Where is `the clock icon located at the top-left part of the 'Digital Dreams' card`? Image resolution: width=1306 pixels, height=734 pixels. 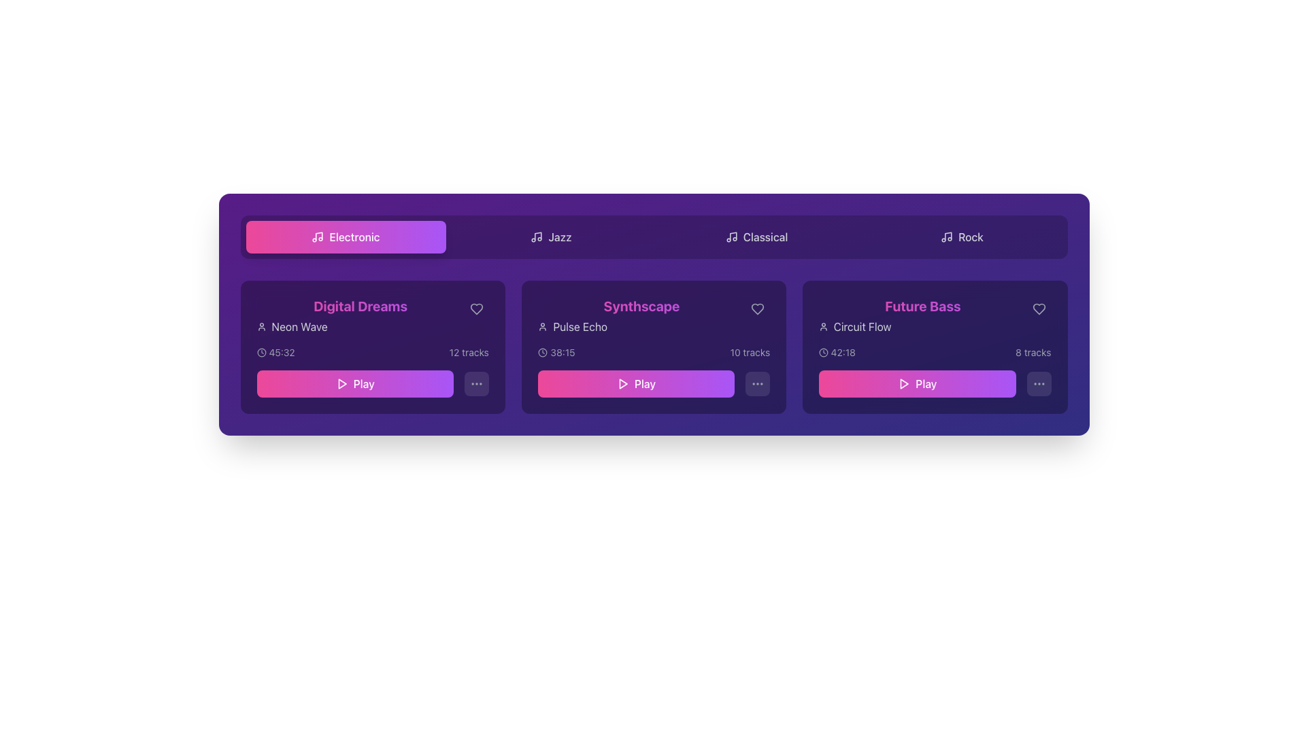 the clock icon located at the top-left part of the 'Digital Dreams' card is located at coordinates (261, 352).